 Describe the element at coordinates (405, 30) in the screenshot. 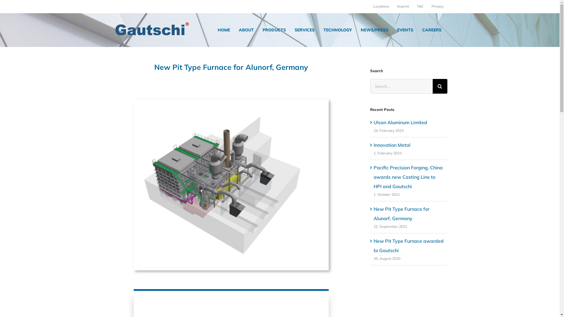

I see `'EVENTS'` at that location.